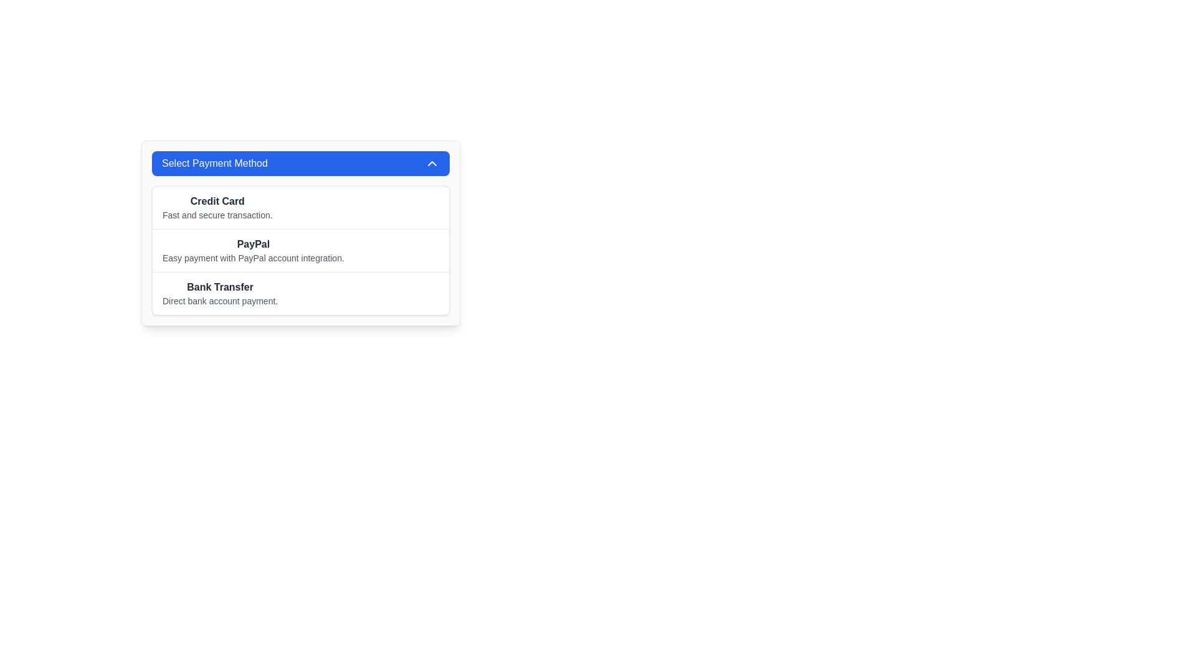 This screenshot has height=672, width=1196. Describe the element at coordinates (432, 162) in the screenshot. I see `the chevron icon located on the far right side of the 'Select Payment Method' header bar to trigger potential hover effects` at that location.